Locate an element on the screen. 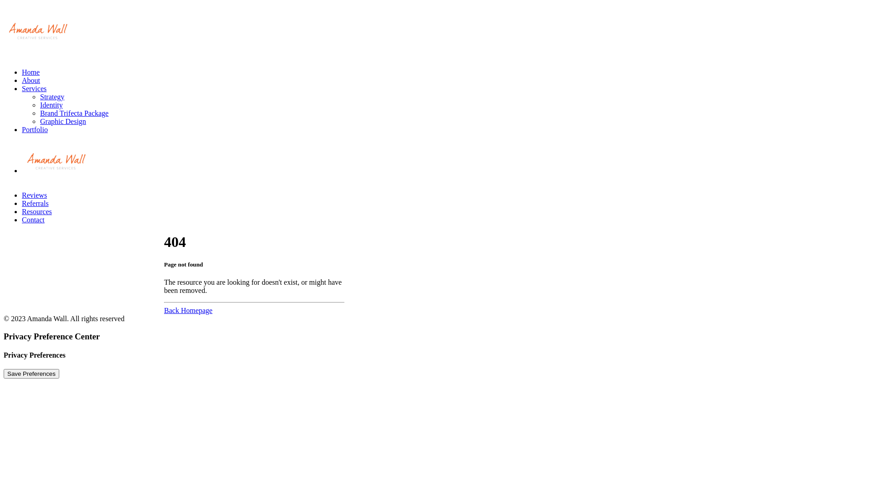  'Resources' is located at coordinates (36, 211).